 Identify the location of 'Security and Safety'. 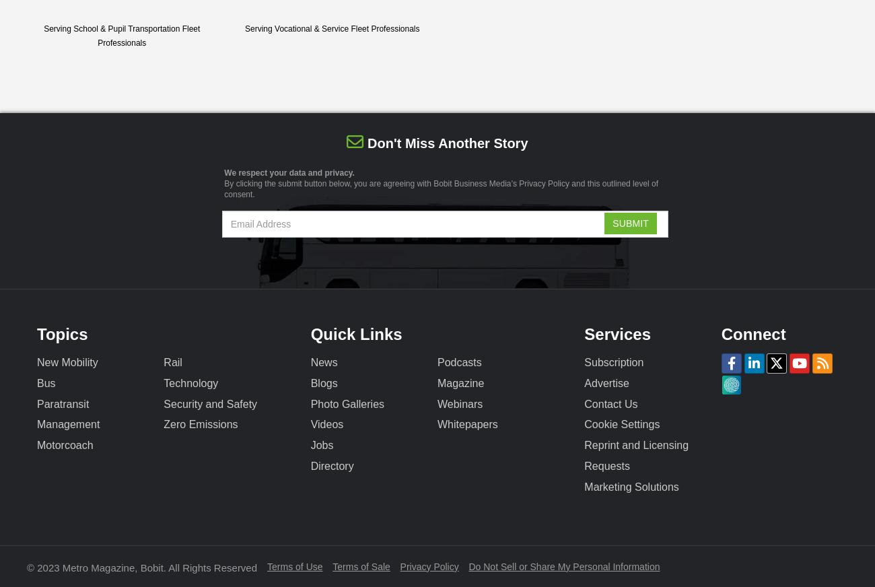
(210, 403).